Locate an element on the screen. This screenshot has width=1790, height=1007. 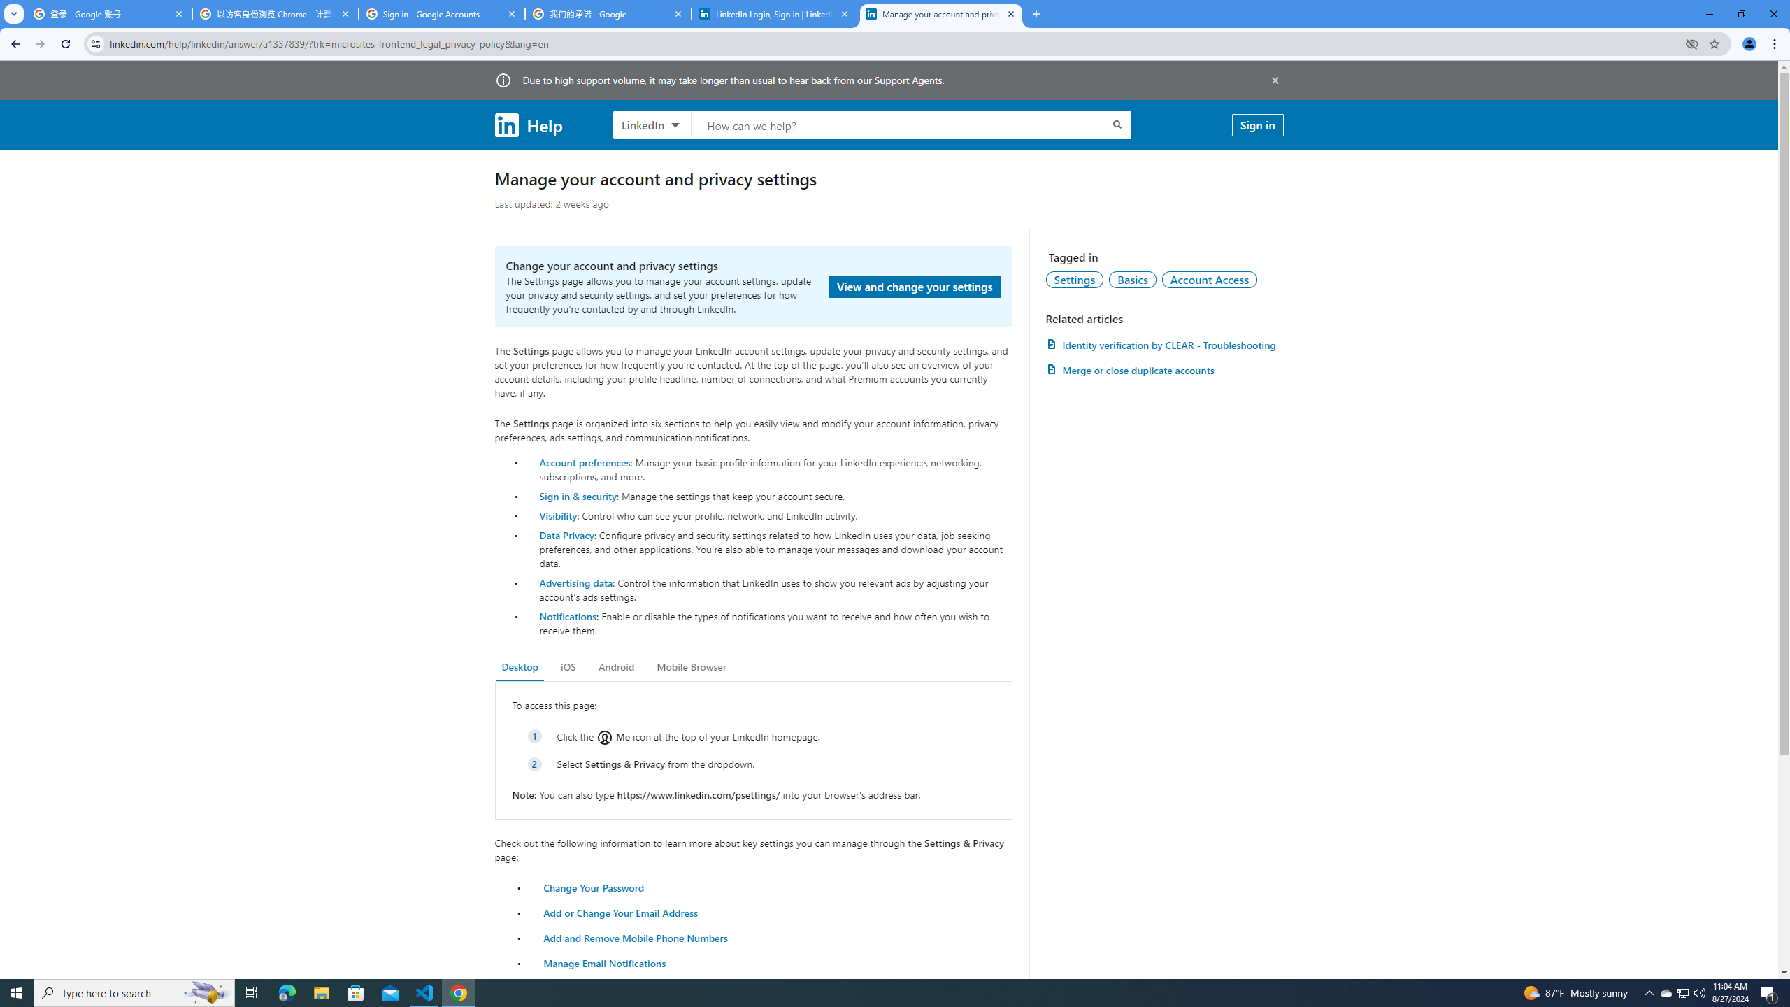
'Settings' is located at coordinates (1074, 278).